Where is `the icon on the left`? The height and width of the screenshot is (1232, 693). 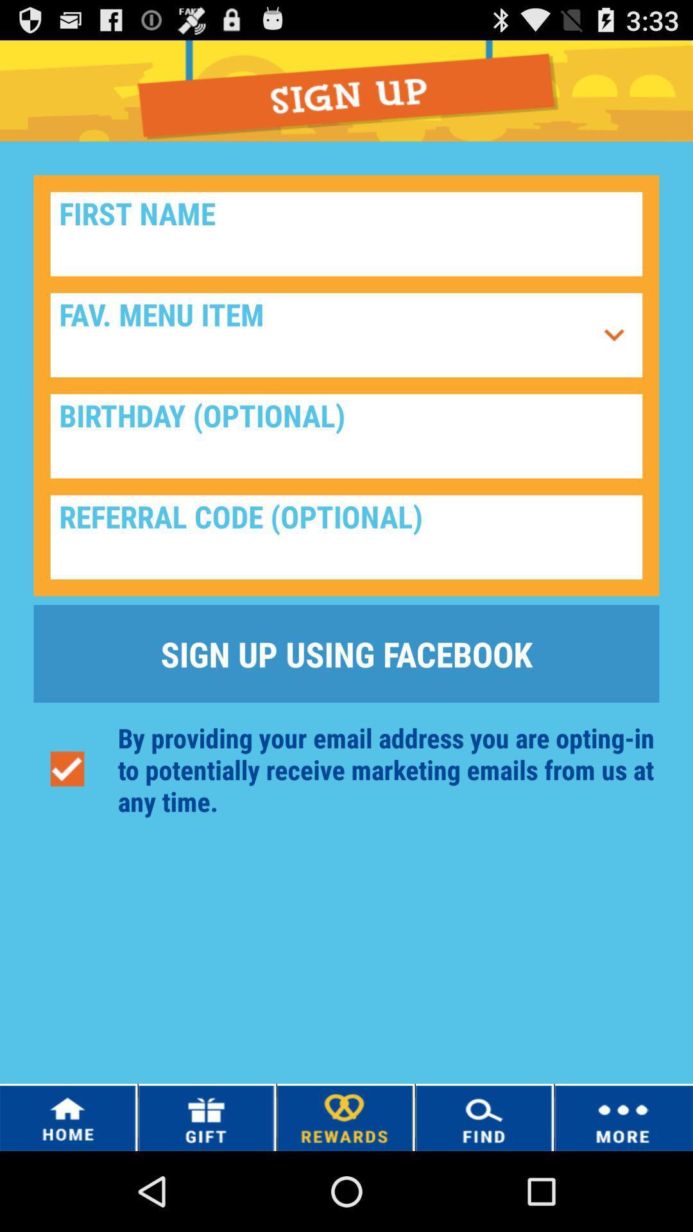
the icon on the left is located at coordinates (67, 769).